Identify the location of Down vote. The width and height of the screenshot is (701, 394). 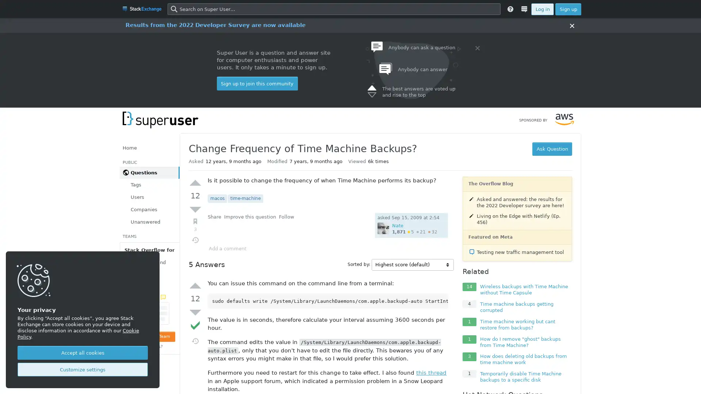
(195, 312).